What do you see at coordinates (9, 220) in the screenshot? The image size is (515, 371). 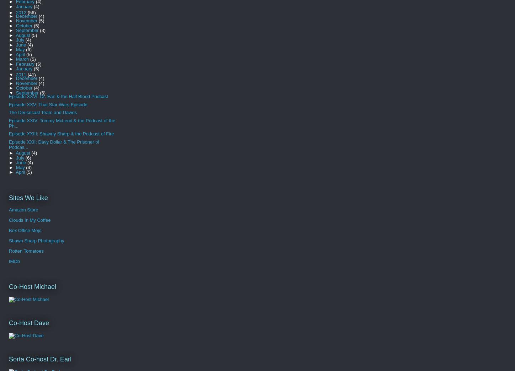 I see `'Clouds In My Coffee'` at bounding box center [9, 220].